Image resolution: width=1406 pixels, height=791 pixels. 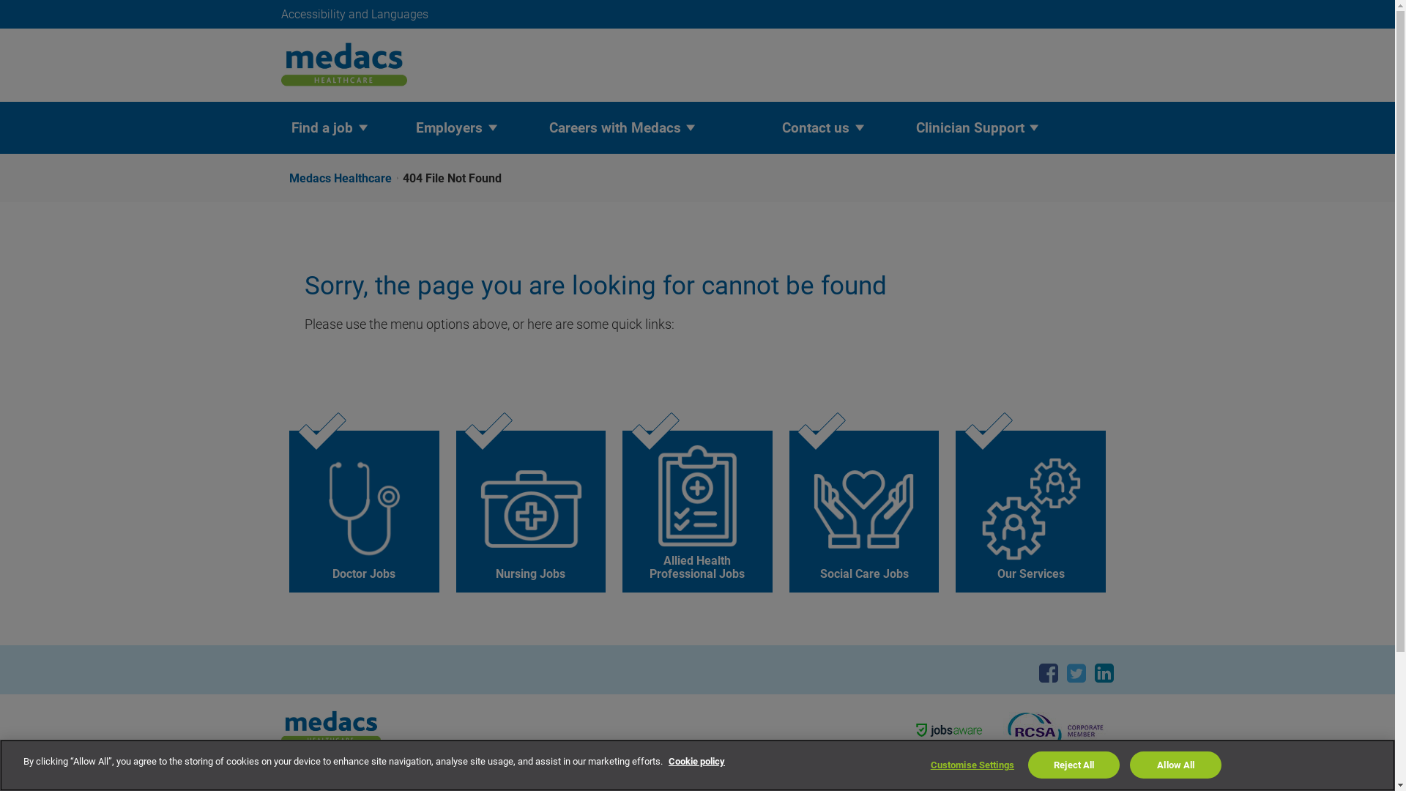 What do you see at coordinates (1047, 672) in the screenshot?
I see `'Facebook'` at bounding box center [1047, 672].